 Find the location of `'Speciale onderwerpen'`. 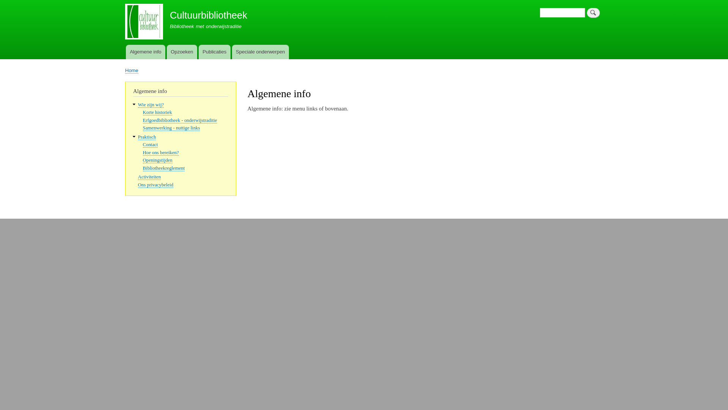

'Speciale onderwerpen' is located at coordinates (260, 52).